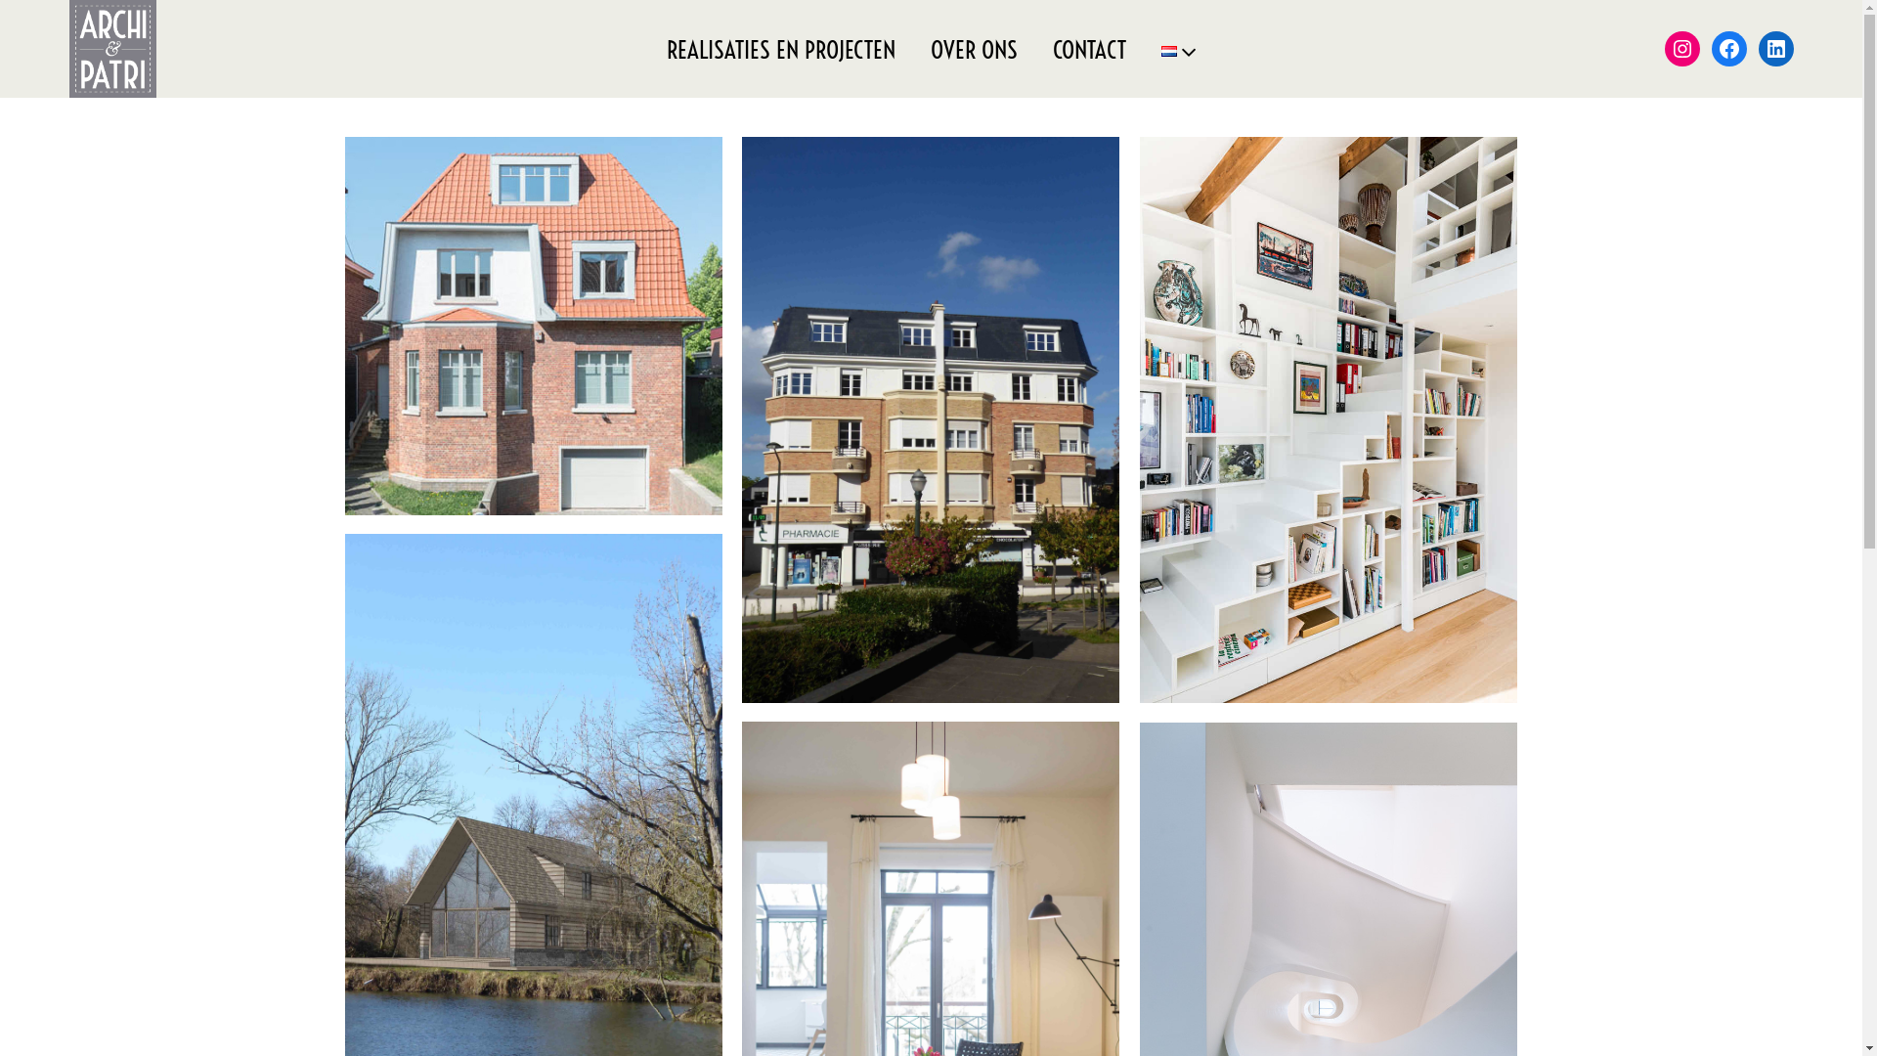 The image size is (1877, 1056). What do you see at coordinates (1681, 48) in the screenshot?
I see `'Instagram'` at bounding box center [1681, 48].